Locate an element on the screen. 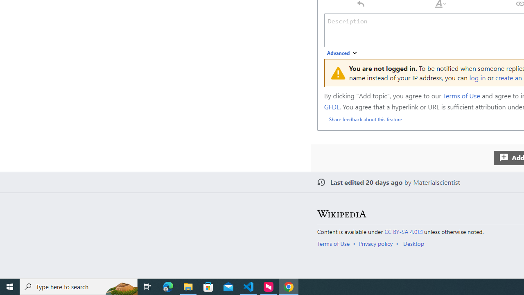 The height and width of the screenshot is (295, 524). 'CC BY-SA 4.0' is located at coordinates (404, 231).